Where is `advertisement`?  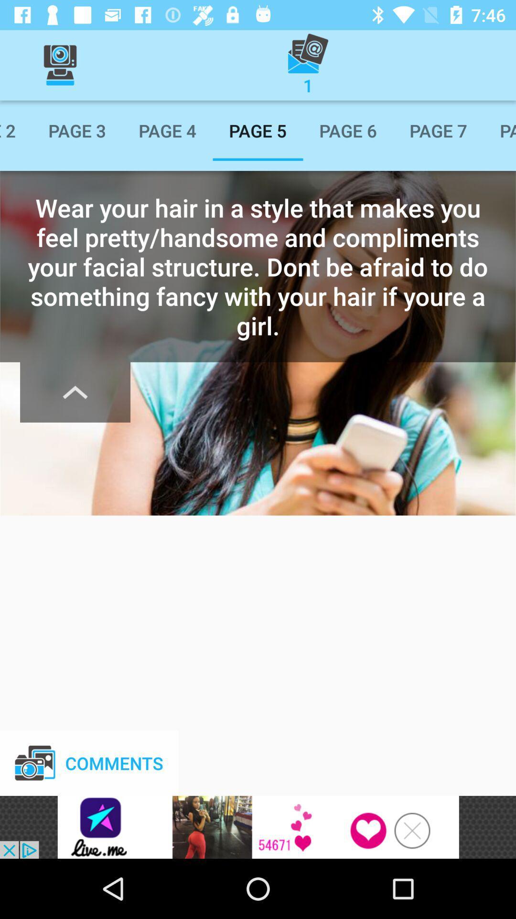 advertisement is located at coordinates (258, 827).